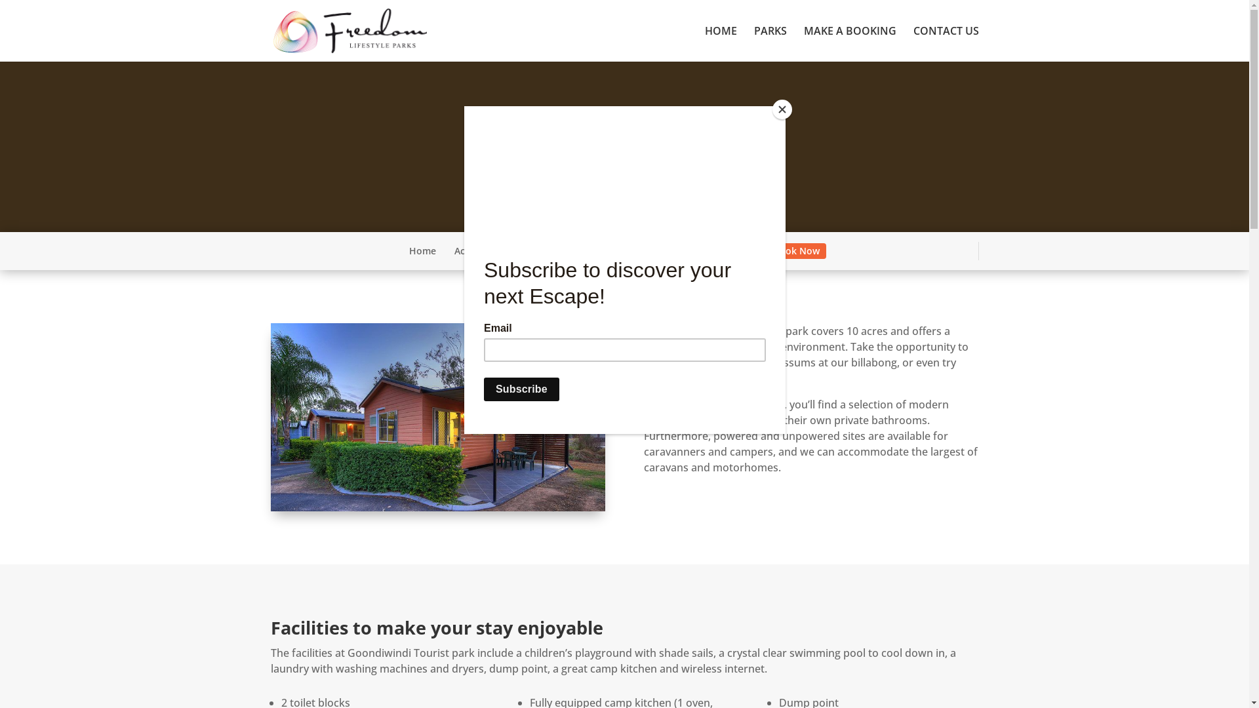  What do you see at coordinates (692, 250) in the screenshot?
I see `'FAQ'` at bounding box center [692, 250].